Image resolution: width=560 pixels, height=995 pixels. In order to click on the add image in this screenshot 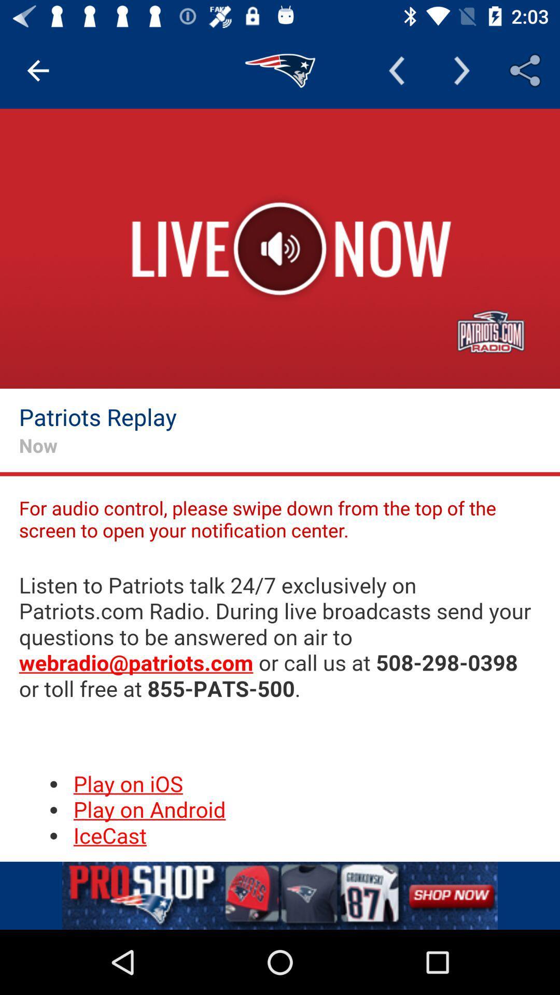, I will do `click(280, 895)`.